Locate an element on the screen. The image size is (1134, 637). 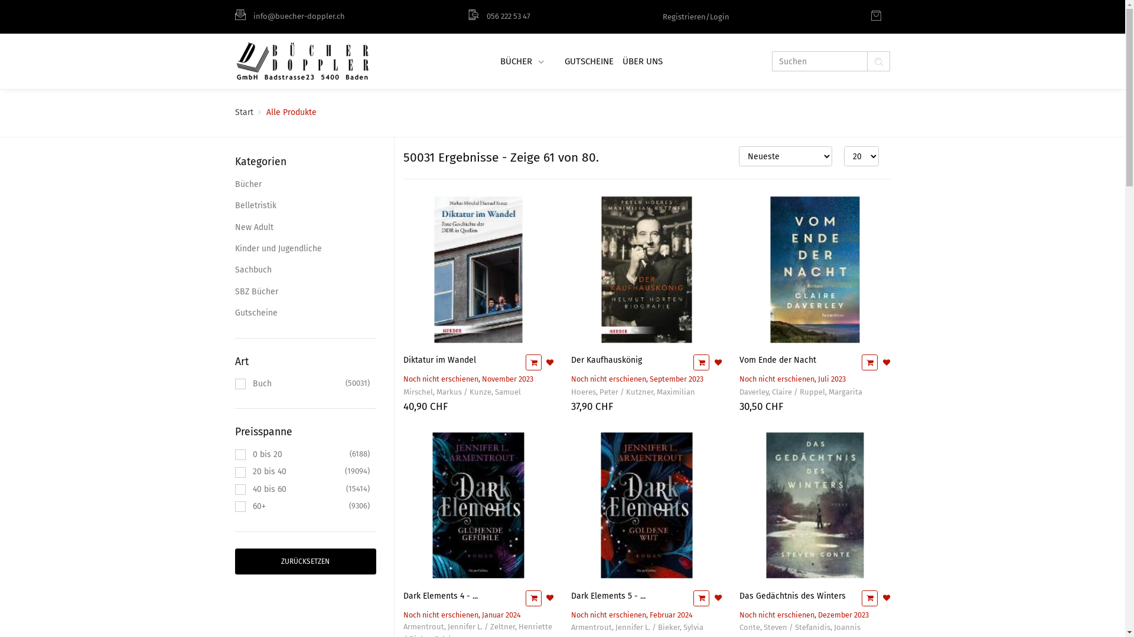
'Diktatur im Wandel' is located at coordinates (438, 359).